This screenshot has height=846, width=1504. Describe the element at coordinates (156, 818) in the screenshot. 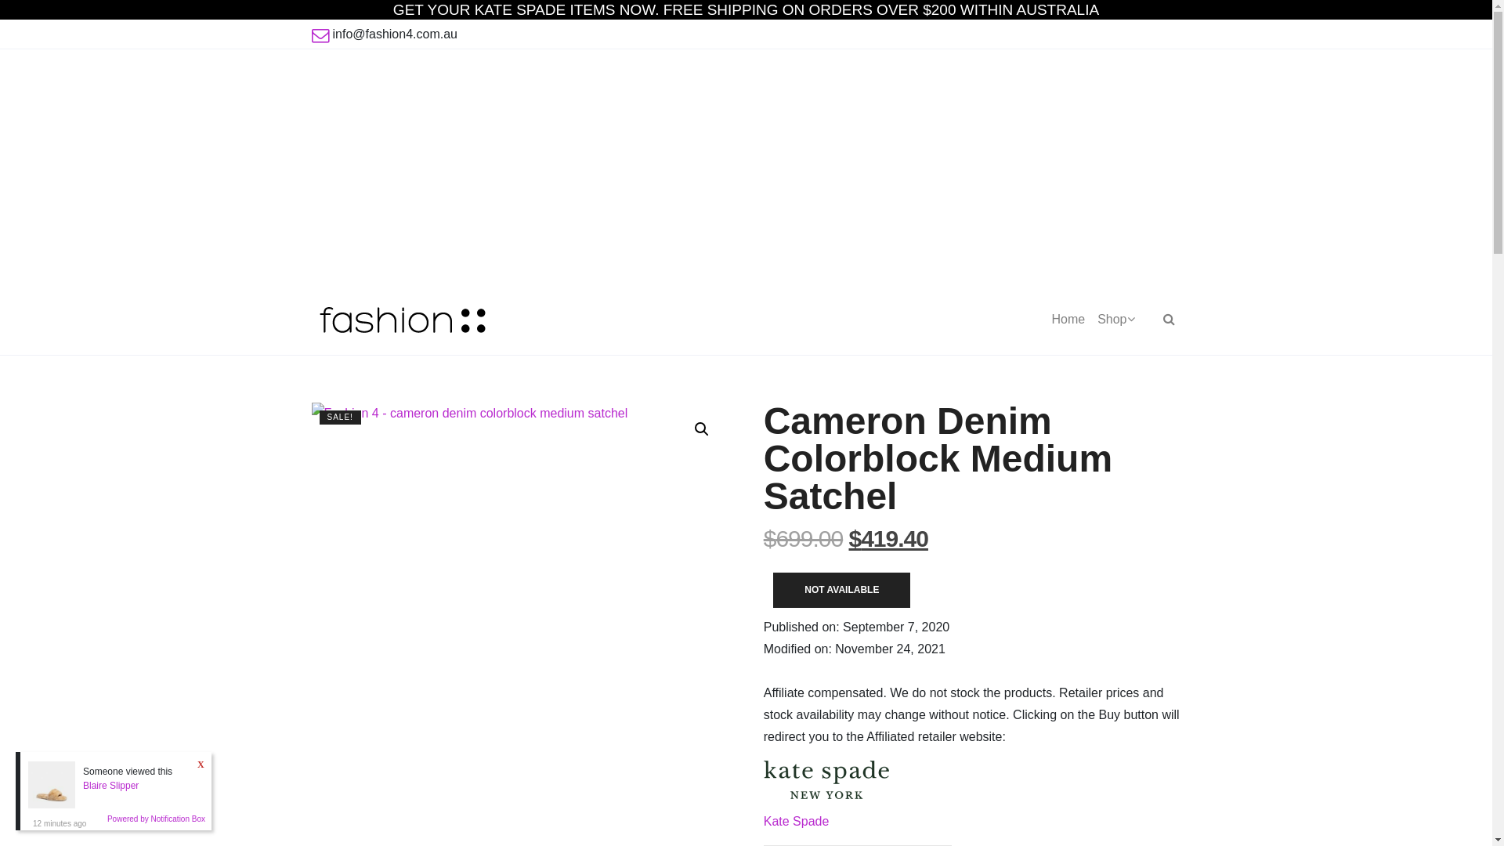

I see `'Powered by Notification Box'` at that location.